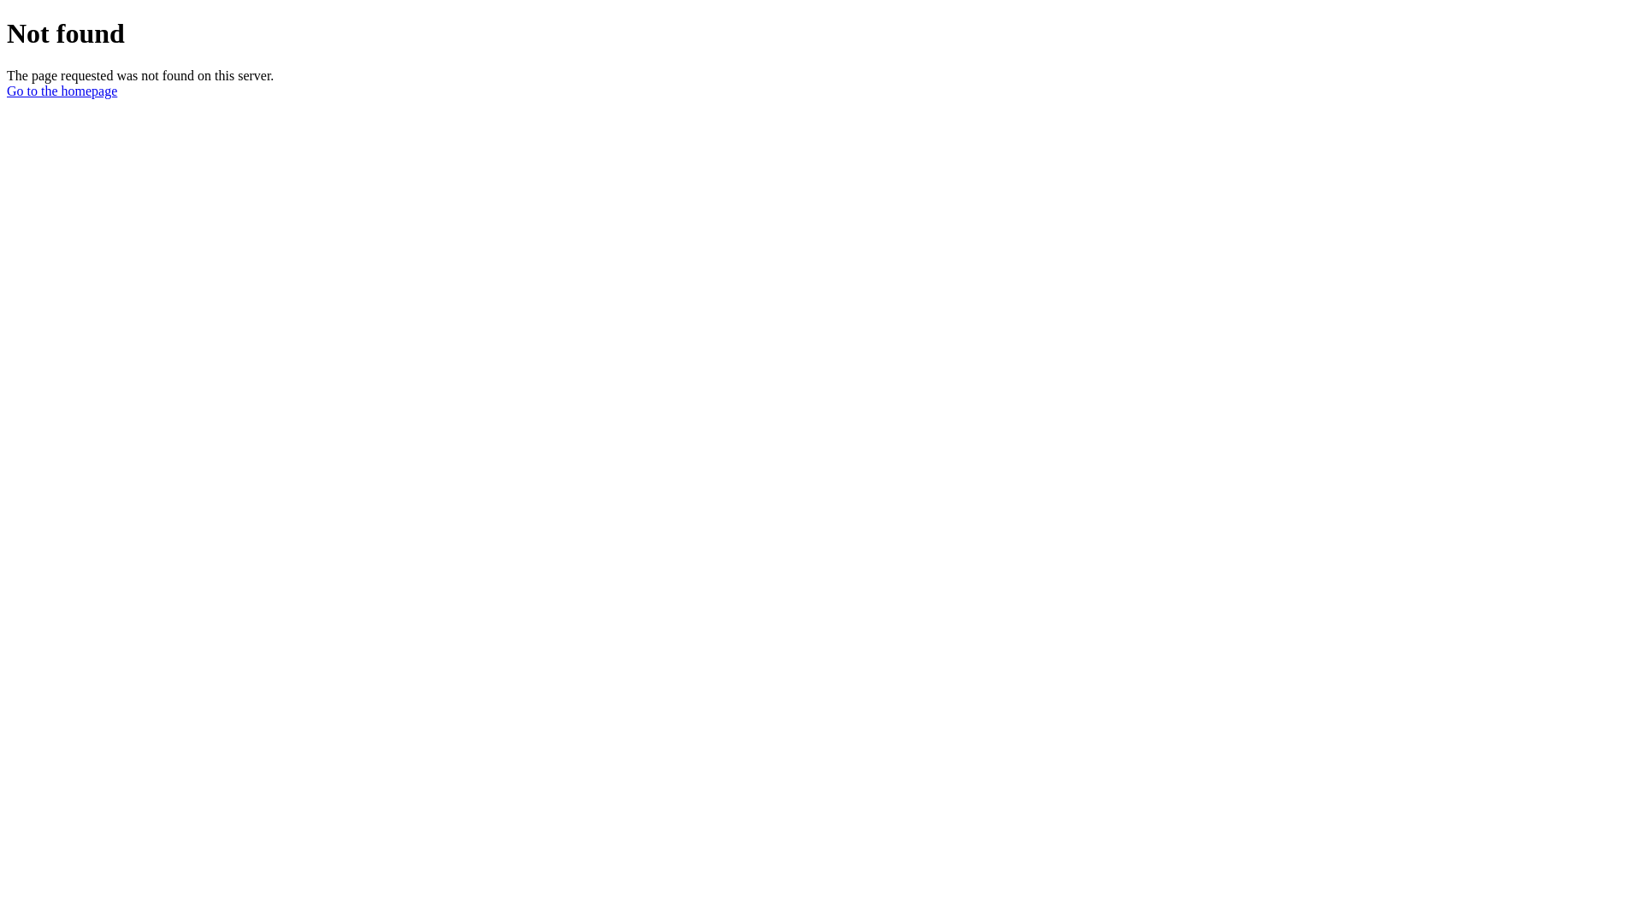 Image resolution: width=1642 pixels, height=923 pixels. Describe the element at coordinates (62, 91) in the screenshot. I see `'Go to the homepage'` at that location.